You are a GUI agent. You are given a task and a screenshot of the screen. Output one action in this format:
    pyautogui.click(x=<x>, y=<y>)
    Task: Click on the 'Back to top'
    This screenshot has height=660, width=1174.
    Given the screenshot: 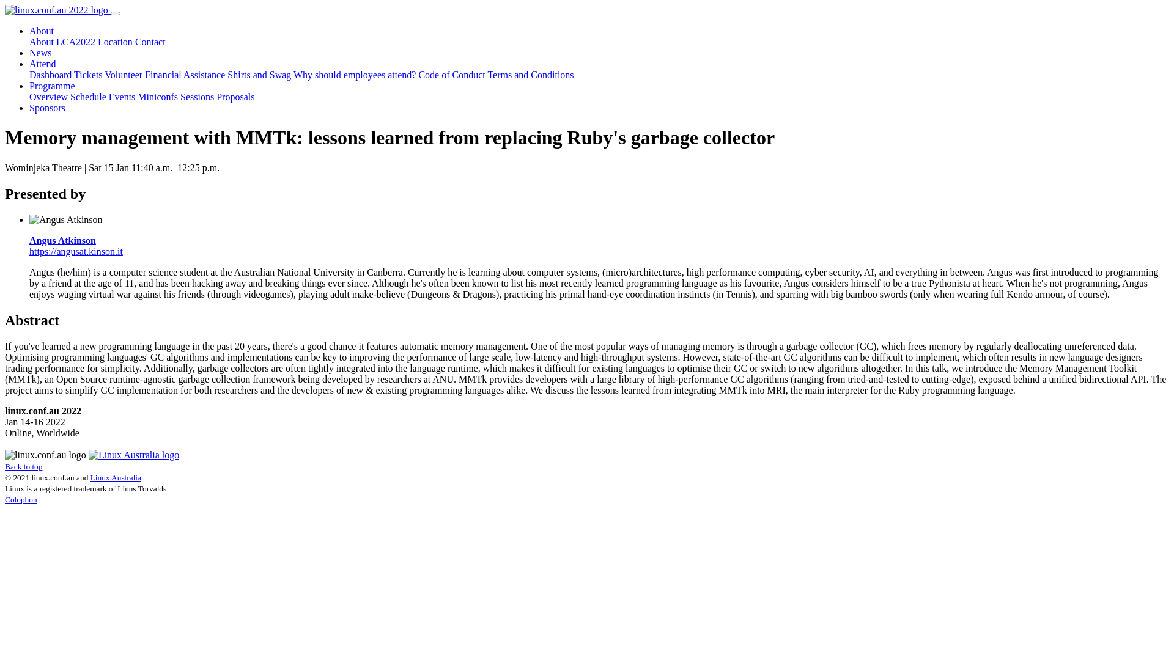 What is the action you would take?
    pyautogui.click(x=23, y=466)
    